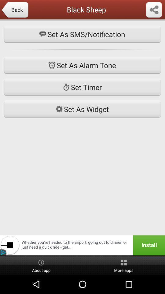  Describe the element at coordinates (124, 265) in the screenshot. I see `the more apps button` at that location.